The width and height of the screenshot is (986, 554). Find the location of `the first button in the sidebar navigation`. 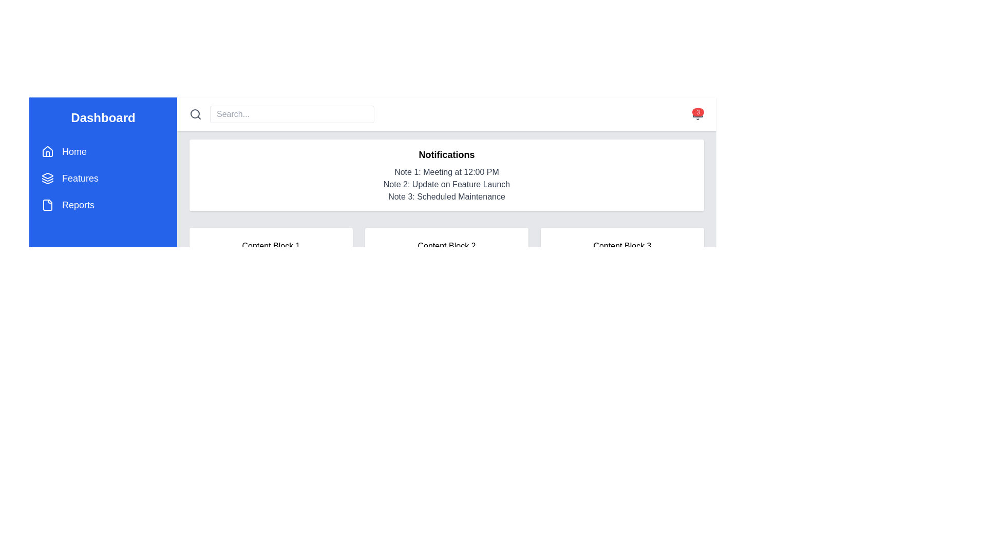

the first button in the sidebar navigation is located at coordinates (103, 152).